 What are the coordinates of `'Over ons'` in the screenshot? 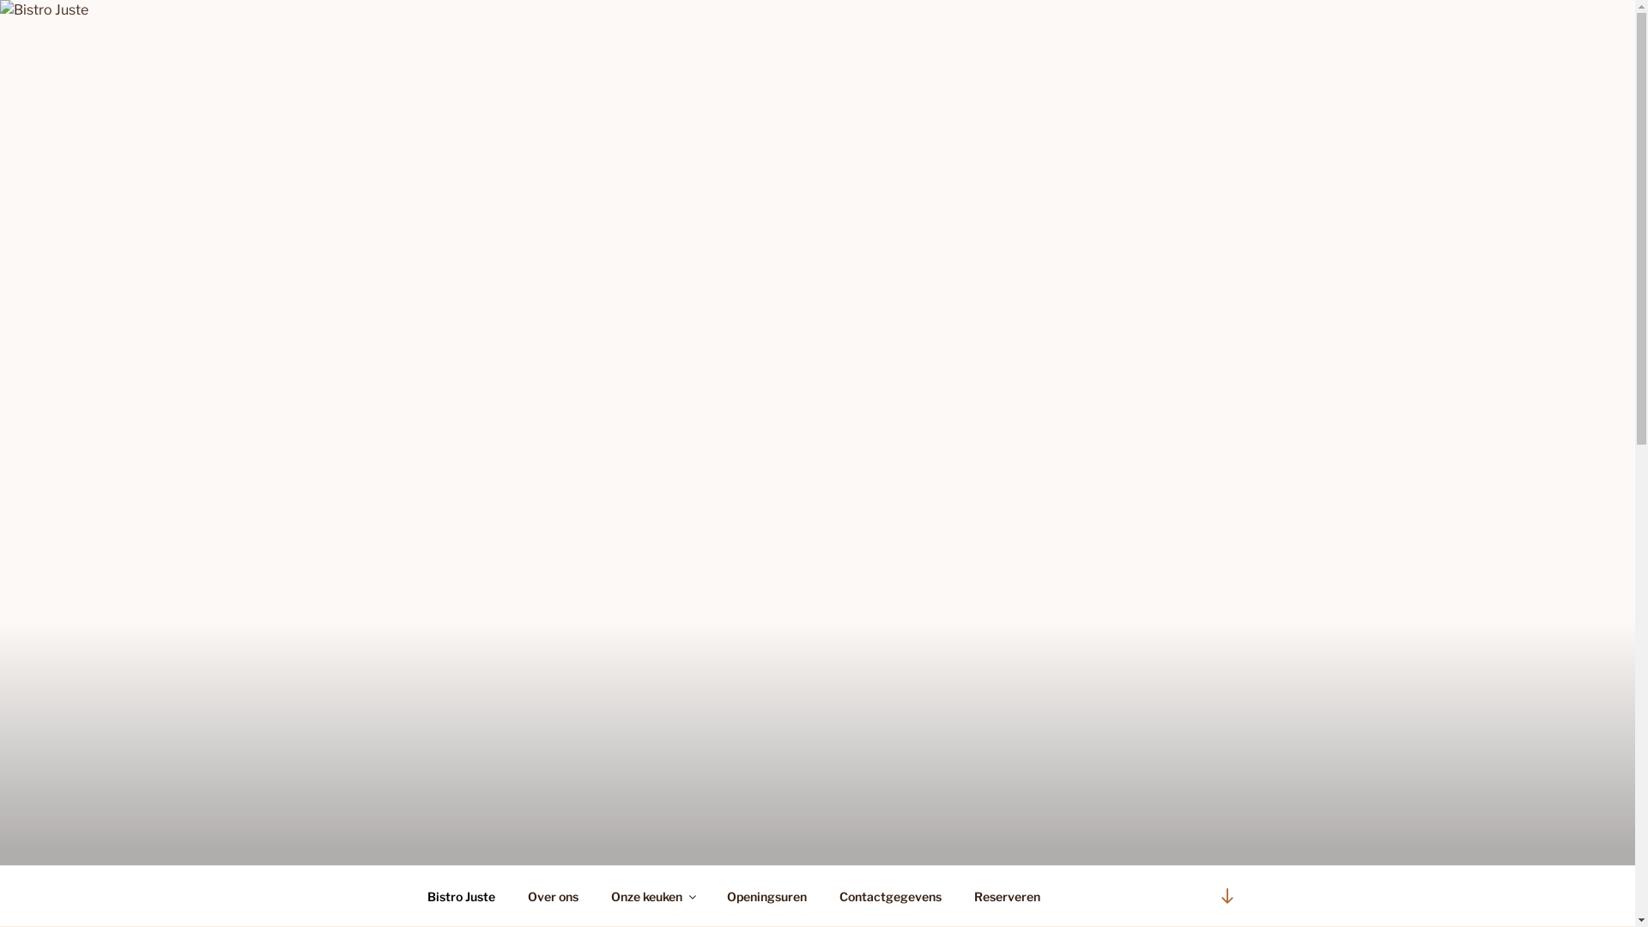 It's located at (553, 895).